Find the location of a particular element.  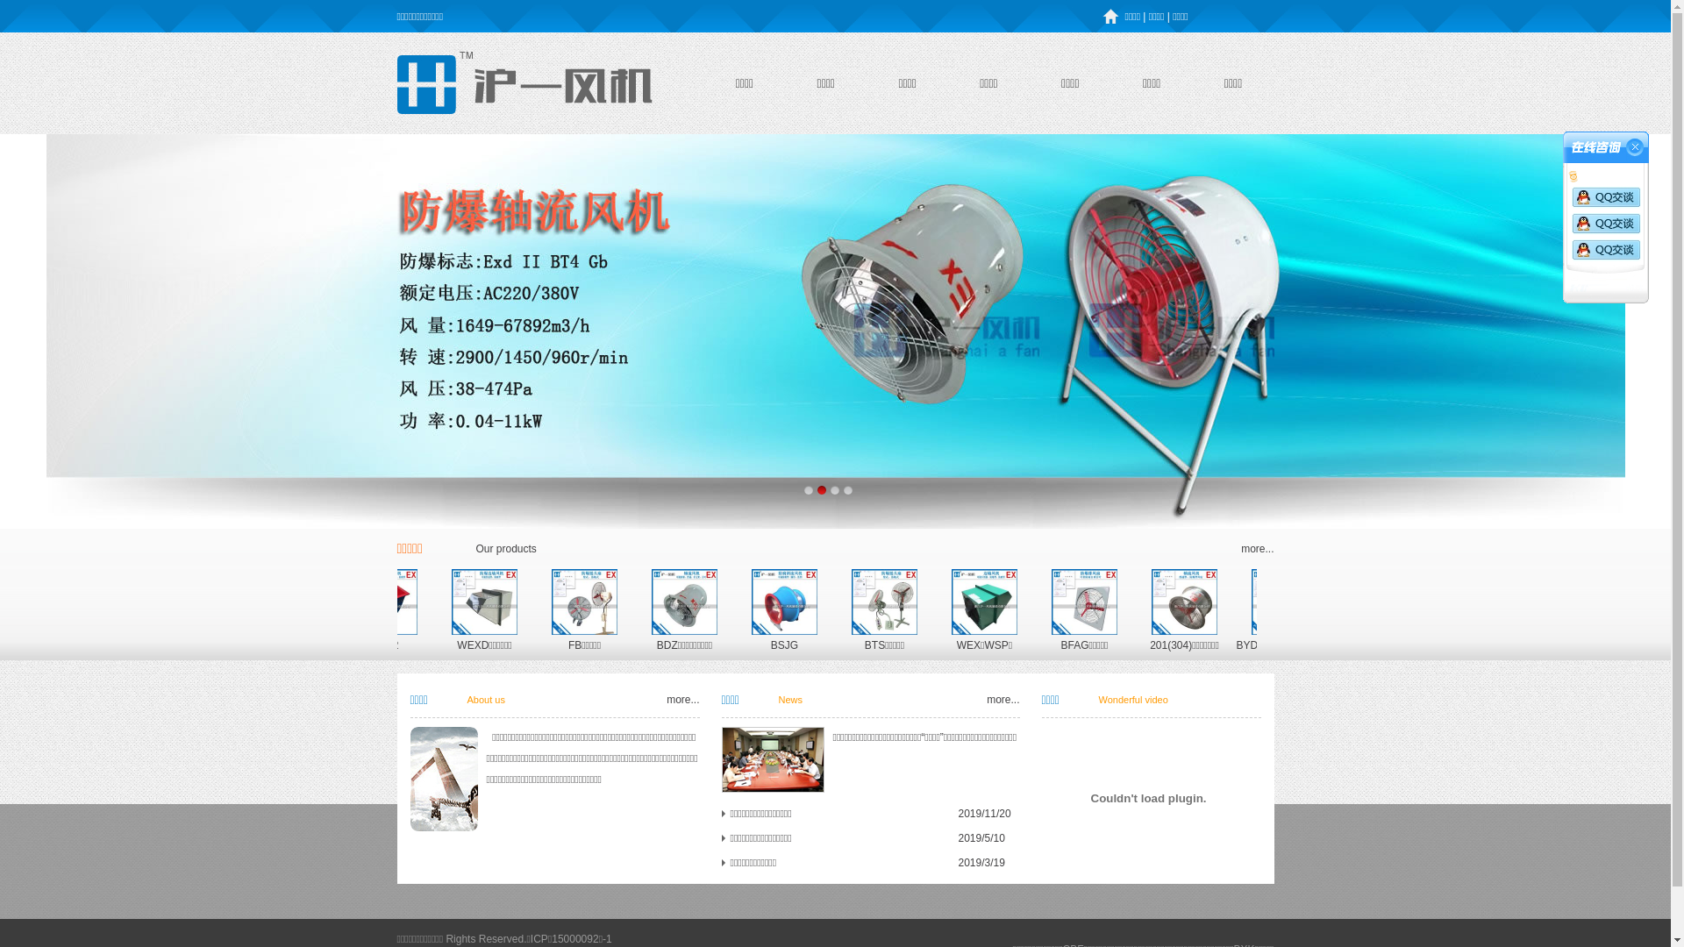

'4' is located at coordinates (848, 489).